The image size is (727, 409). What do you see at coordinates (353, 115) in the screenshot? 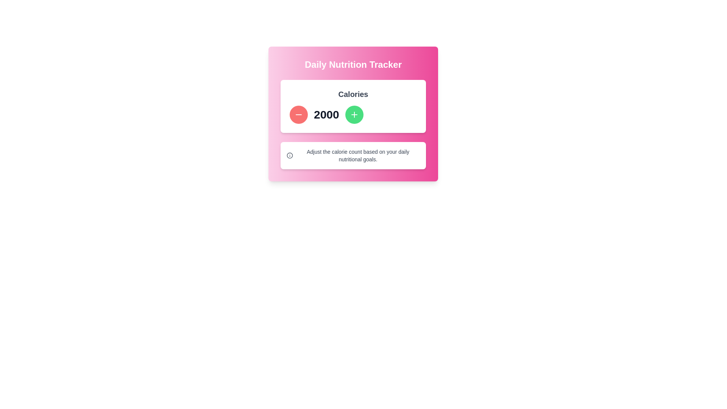
I see `the green '+' button located to the right of the central numerical display showing '2000' in bold black text to increase the value` at bounding box center [353, 115].